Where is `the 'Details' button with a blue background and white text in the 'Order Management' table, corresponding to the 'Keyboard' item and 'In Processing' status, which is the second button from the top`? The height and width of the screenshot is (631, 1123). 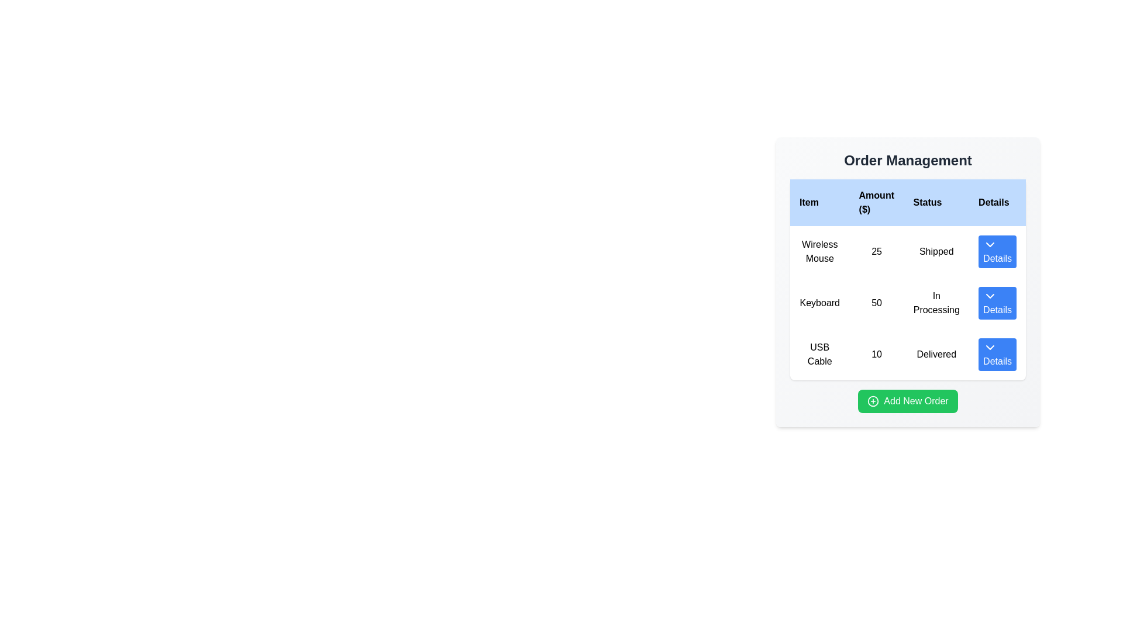 the 'Details' button with a blue background and white text in the 'Order Management' table, corresponding to the 'Keyboard' item and 'In Processing' status, which is the second button from the top is located at coordinates (997, 303).